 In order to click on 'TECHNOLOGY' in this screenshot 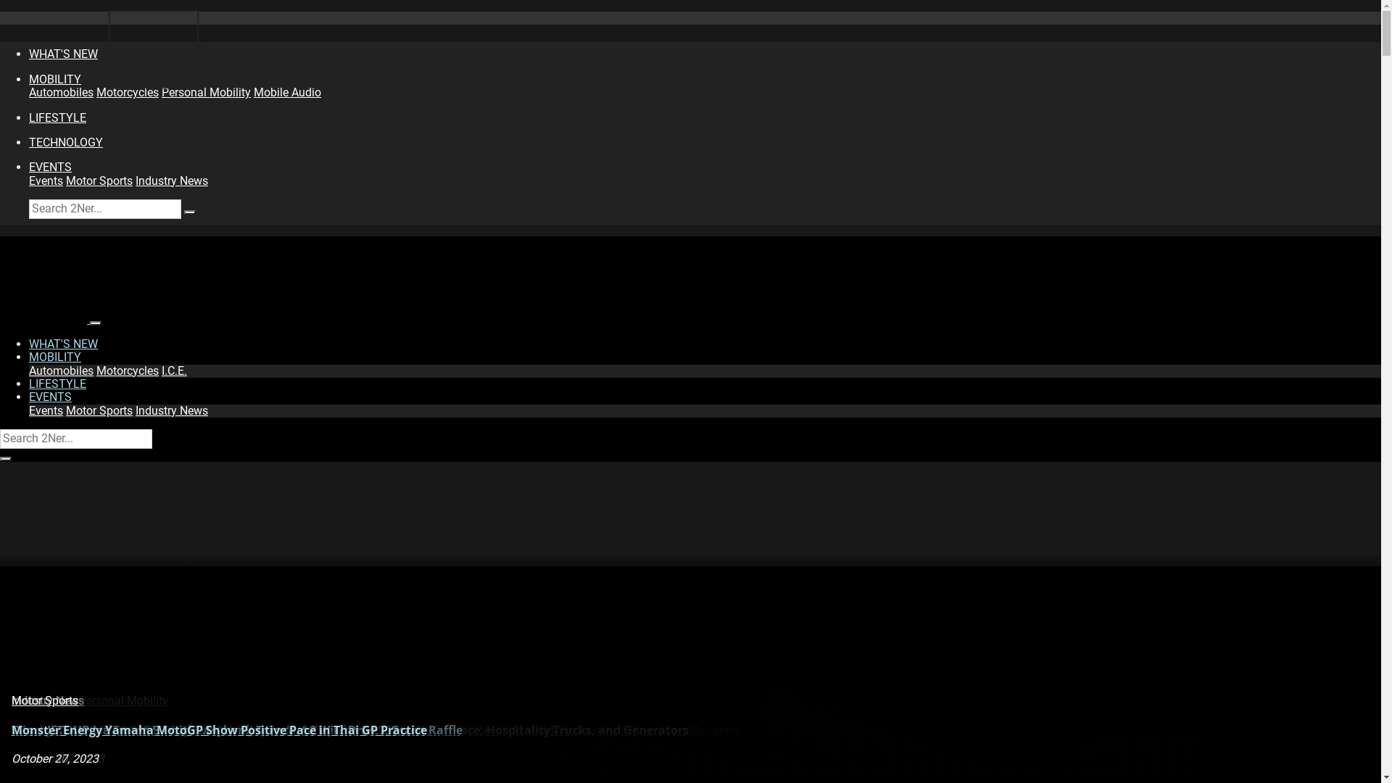, I will do `click(28, 142)`.